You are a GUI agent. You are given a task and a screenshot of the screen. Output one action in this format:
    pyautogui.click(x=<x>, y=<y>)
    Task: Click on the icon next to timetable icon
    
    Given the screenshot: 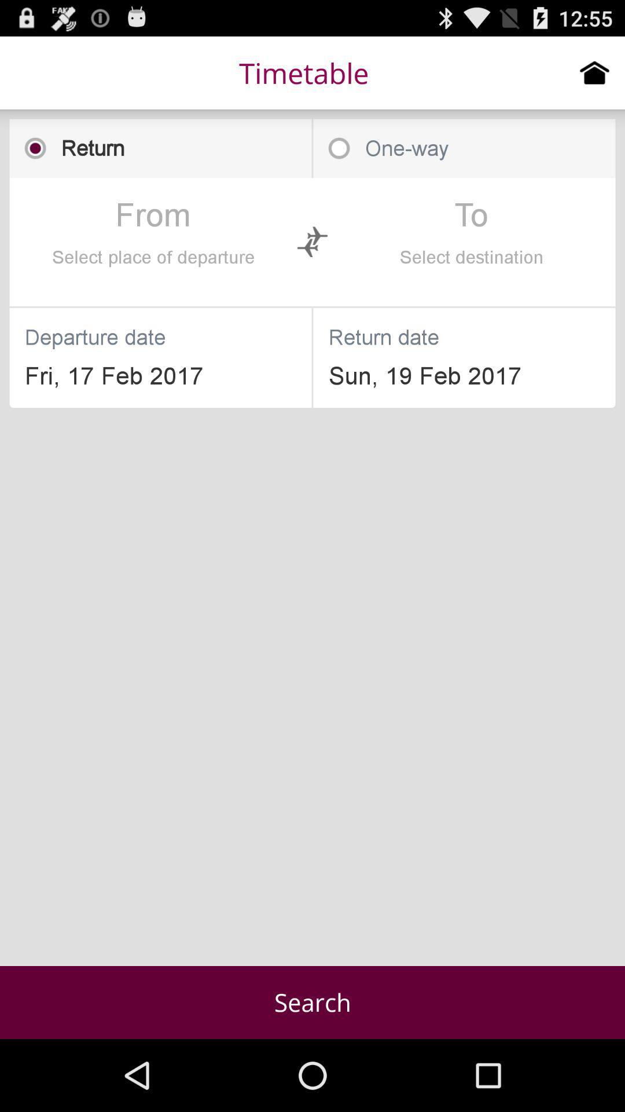 What is the action you would take?
    pyautogui.click(x=594, y=72)
    